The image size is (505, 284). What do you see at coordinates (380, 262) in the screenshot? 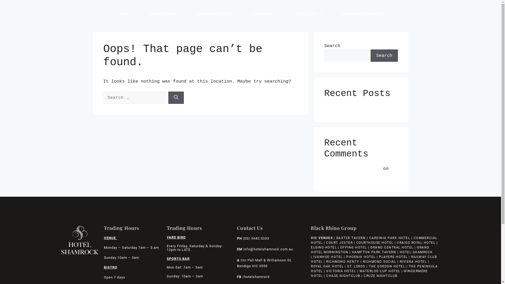
I see `'RICHMOND SOCIAL'` at bounding box center [380, 262].